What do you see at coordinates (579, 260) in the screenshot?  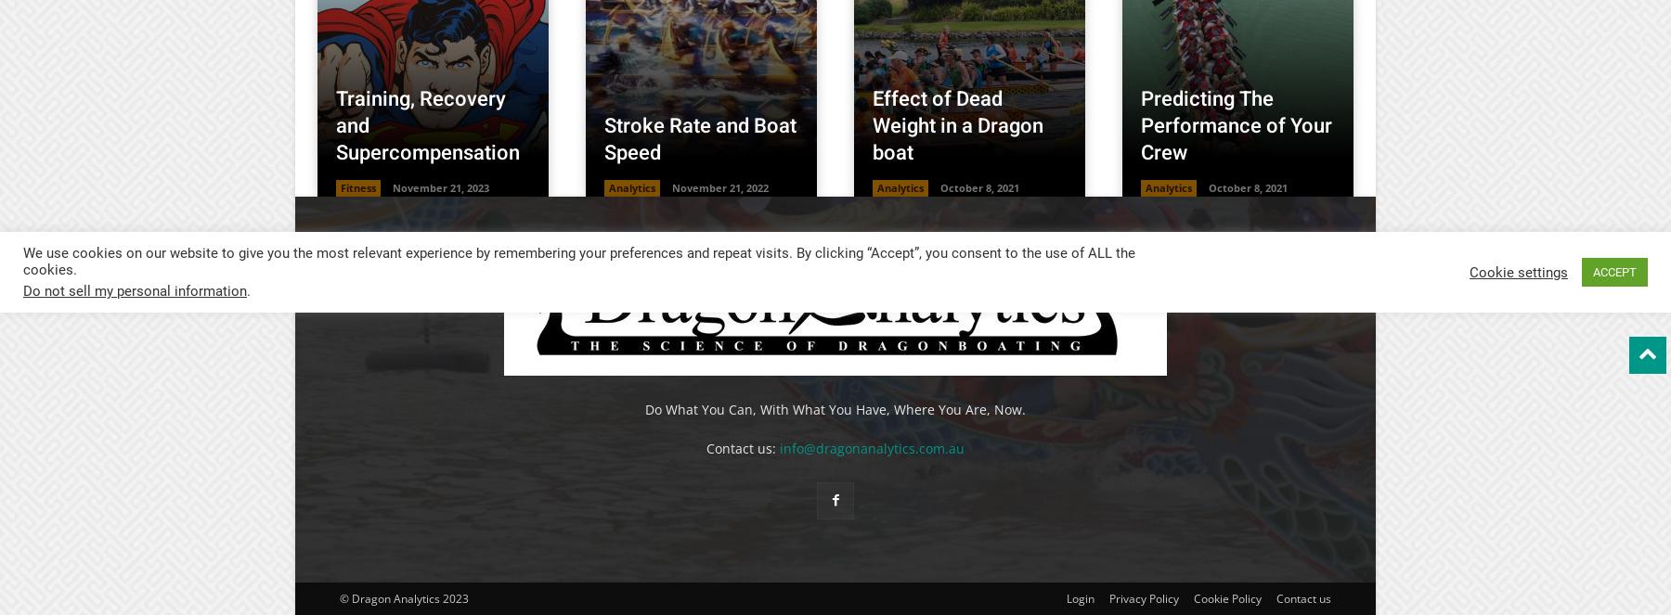 I see `'We use cookies on our website to give you the most relevant experience by remembering your preferences and repeat visits. By clicking “Accept”, you consent to the use of ALL the cookies.'` at bounding box center [579, 260].